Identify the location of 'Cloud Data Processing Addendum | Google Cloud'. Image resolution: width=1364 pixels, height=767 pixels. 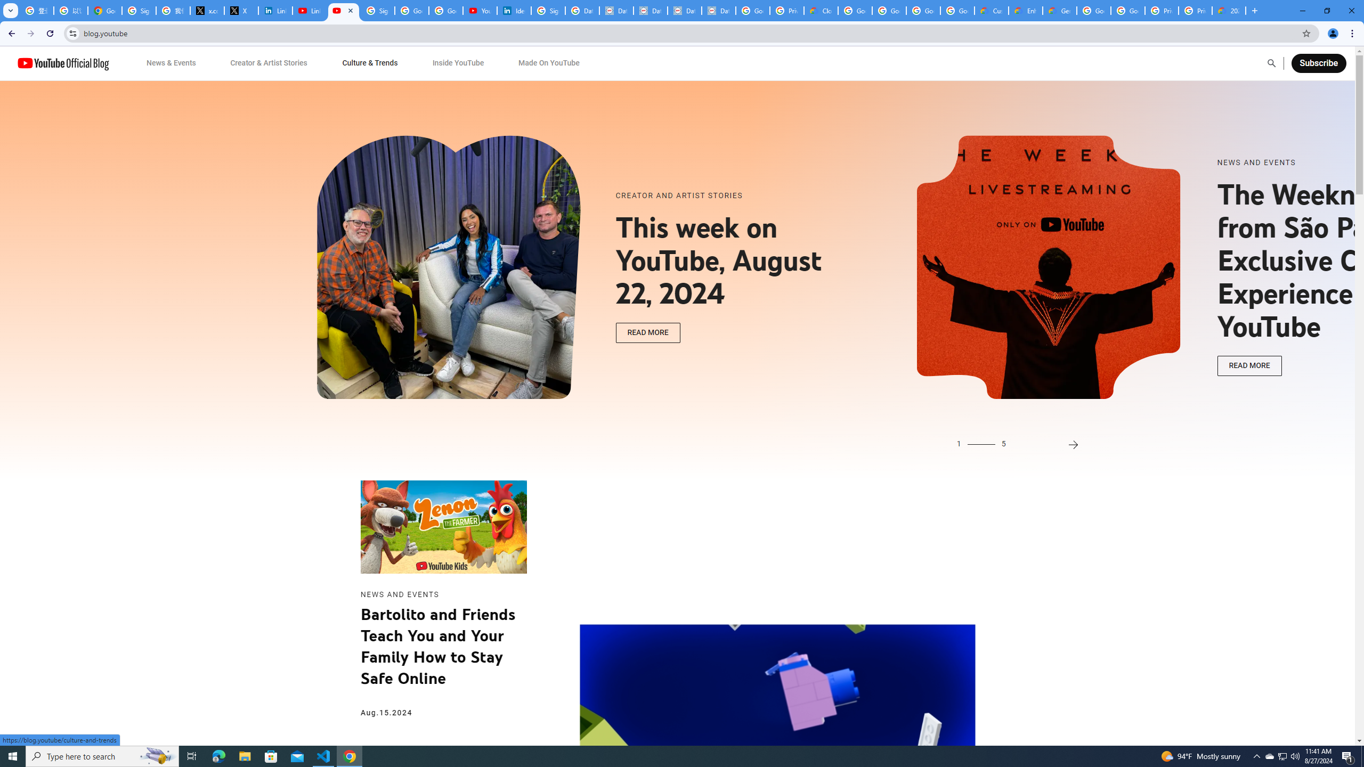
(821, 10).